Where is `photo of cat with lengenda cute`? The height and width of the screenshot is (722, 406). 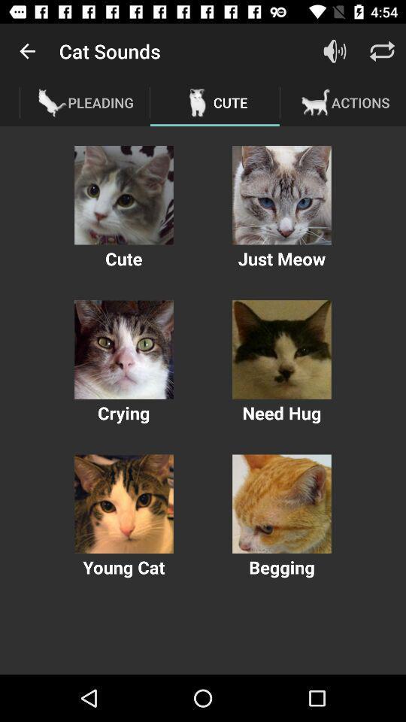
photo of cat with lengenda cute is located at coordinates (123, 194).